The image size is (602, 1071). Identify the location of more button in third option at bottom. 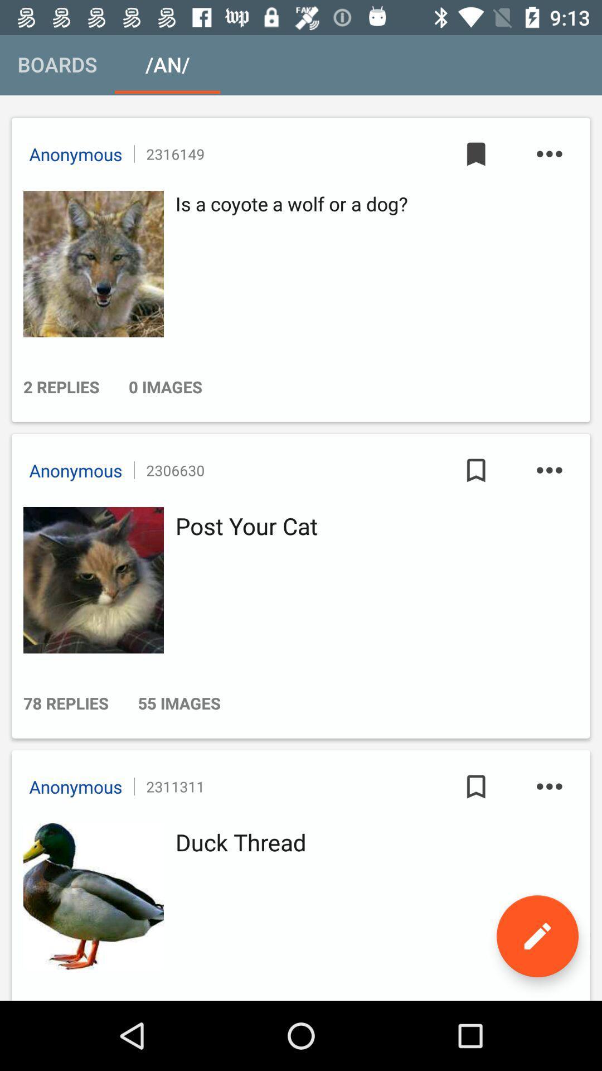
(549, 786).